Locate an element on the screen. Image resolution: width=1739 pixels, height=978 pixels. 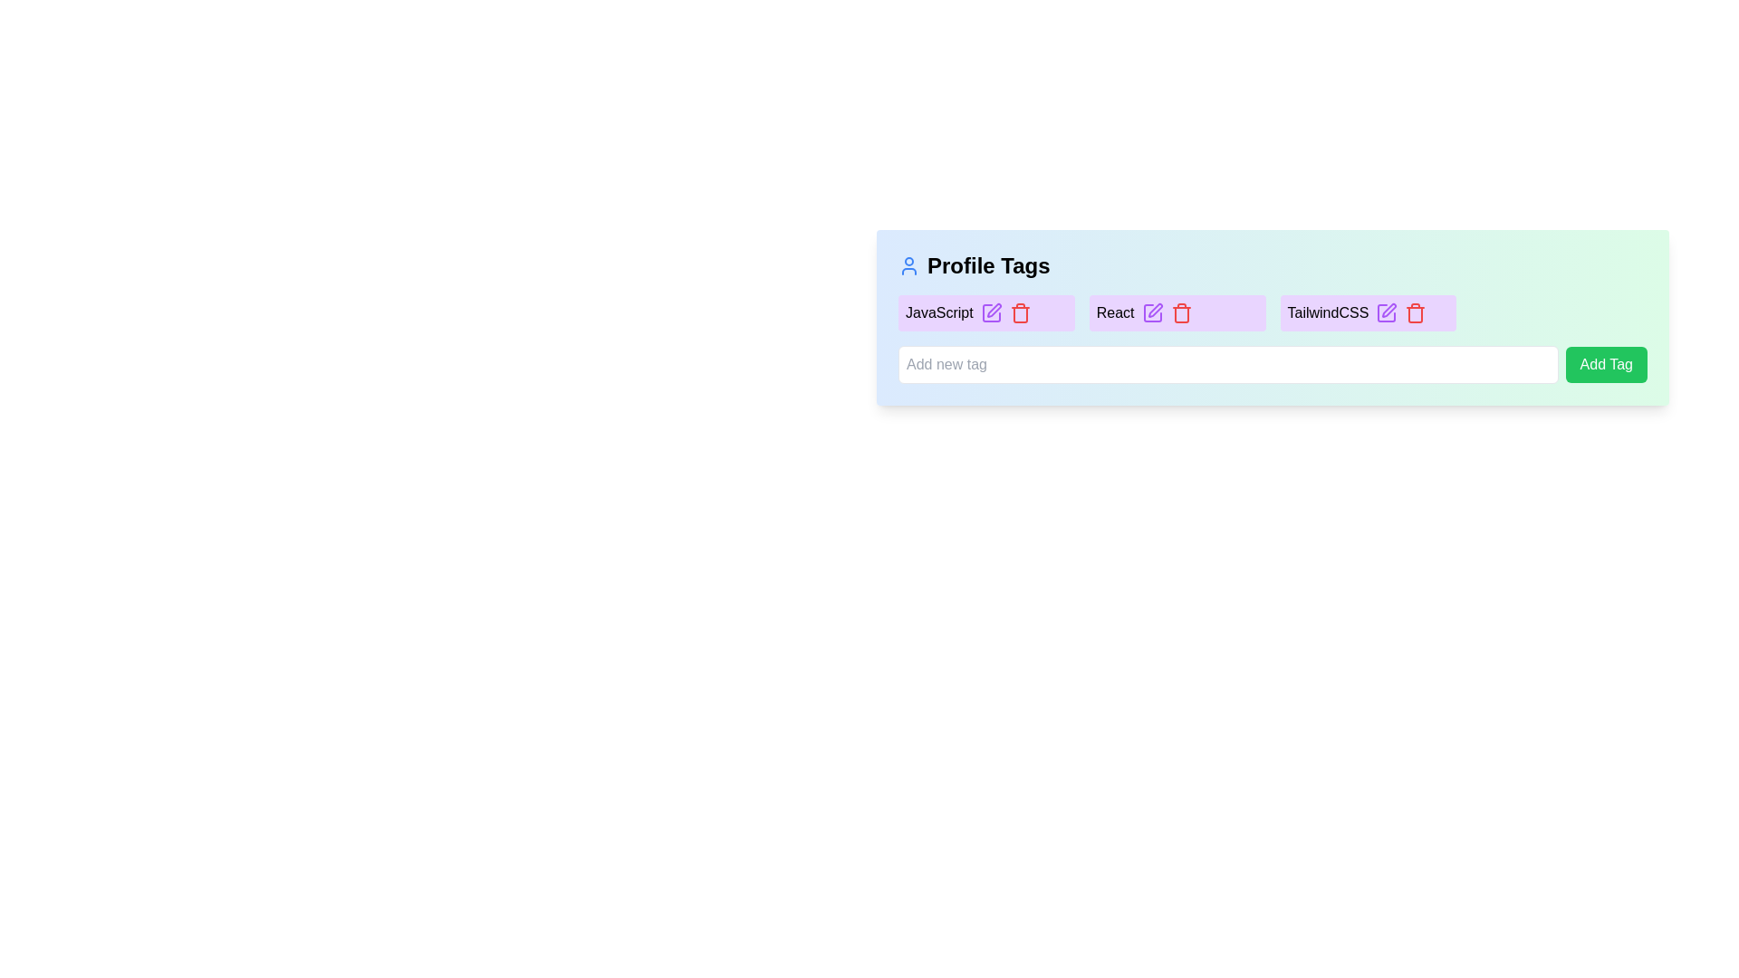
the pen-shaped icon representing the editing action located within the 'React' tag in the 'Profile Tags' section is located at coordinates (1154, 310).